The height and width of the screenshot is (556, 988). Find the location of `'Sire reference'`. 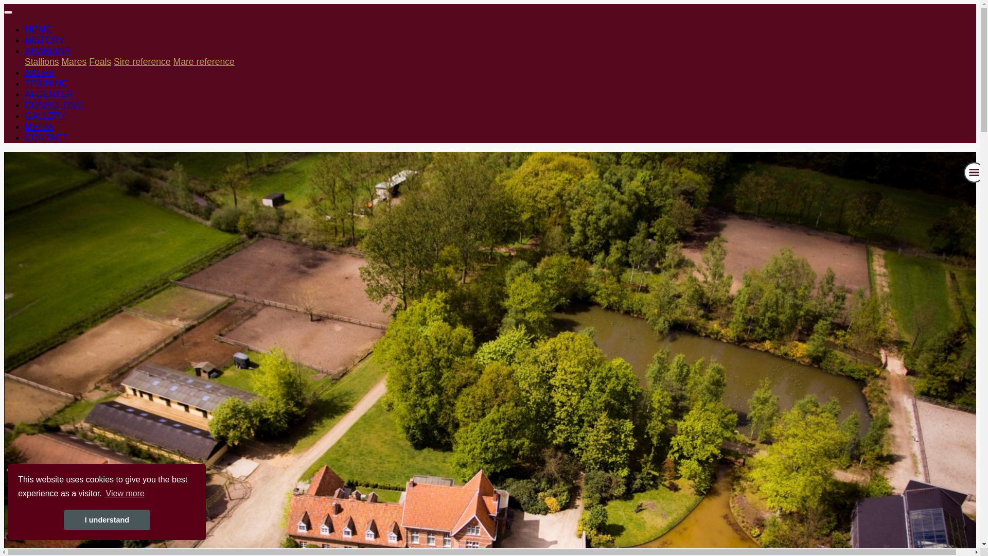

'Sire reference' is located at coordinates (142, 61).